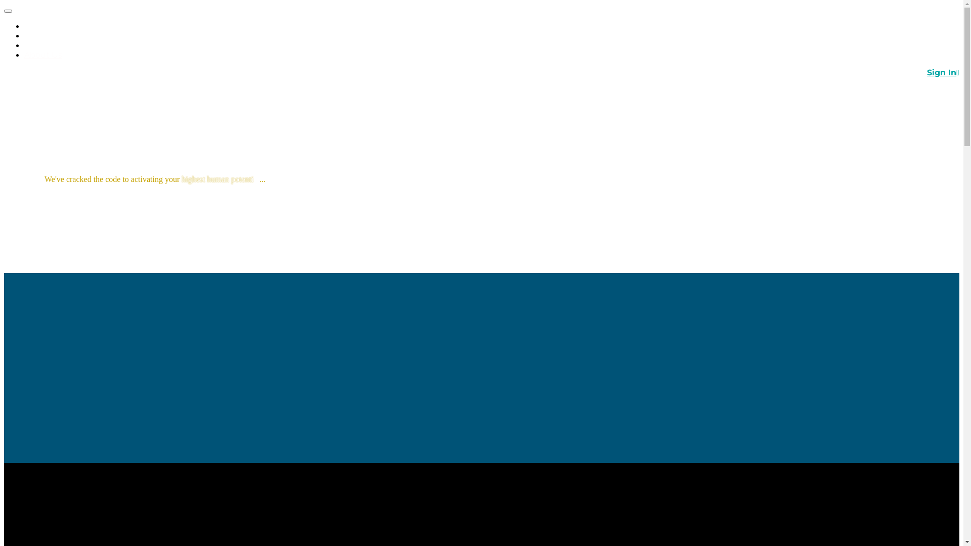 The image size is (971, 546). Describe the element at coordinates (8, 11) in the screenshot. I see `'Toggle navigation'` at that location.